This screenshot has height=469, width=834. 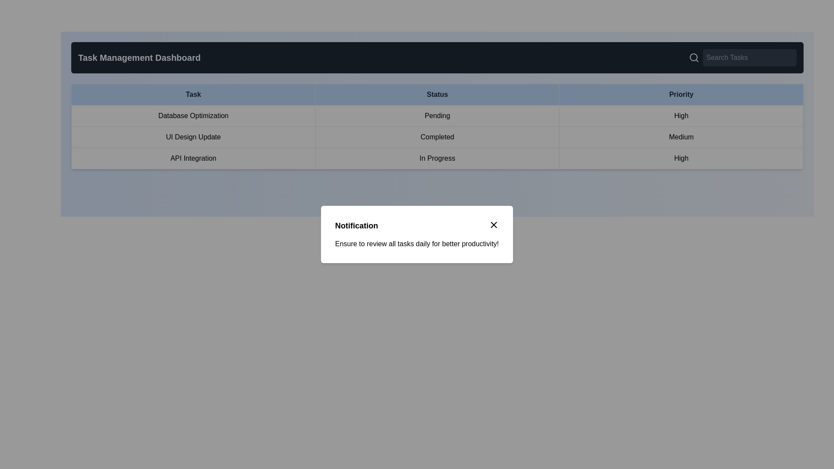 What do you see at coordinates (193, 159) in the screenshot?
I see `the static text label 'API Integration' in the first column of the third row of the 'Task Management Dashboard' table` at bounding box center [193, 159].